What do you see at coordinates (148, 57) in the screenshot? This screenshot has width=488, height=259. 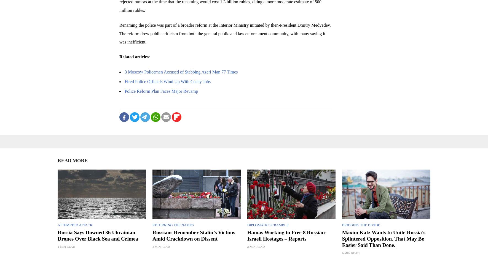 I see `':'` at bounding box center [148, 57].